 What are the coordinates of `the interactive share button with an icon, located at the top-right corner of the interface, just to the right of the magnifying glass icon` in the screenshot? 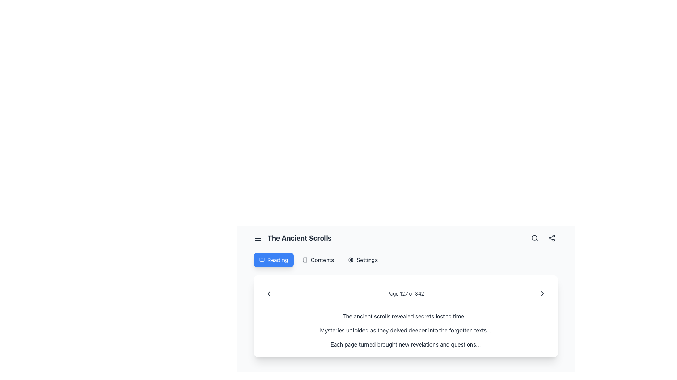 It's located at (551, 238).